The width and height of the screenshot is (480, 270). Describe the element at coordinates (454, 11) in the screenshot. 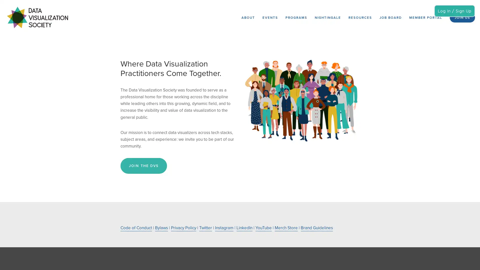

I see `Log In / Sign Up` at that location.